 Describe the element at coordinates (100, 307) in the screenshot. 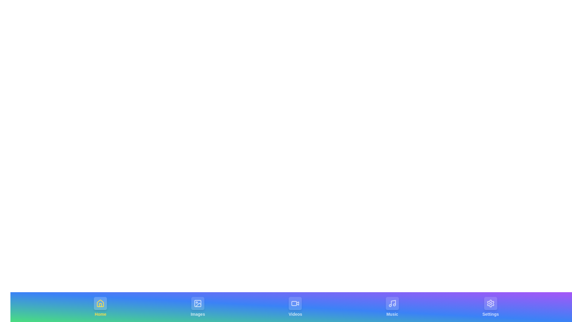

I see `the tab labeled Home by clicking on its center` at that location.